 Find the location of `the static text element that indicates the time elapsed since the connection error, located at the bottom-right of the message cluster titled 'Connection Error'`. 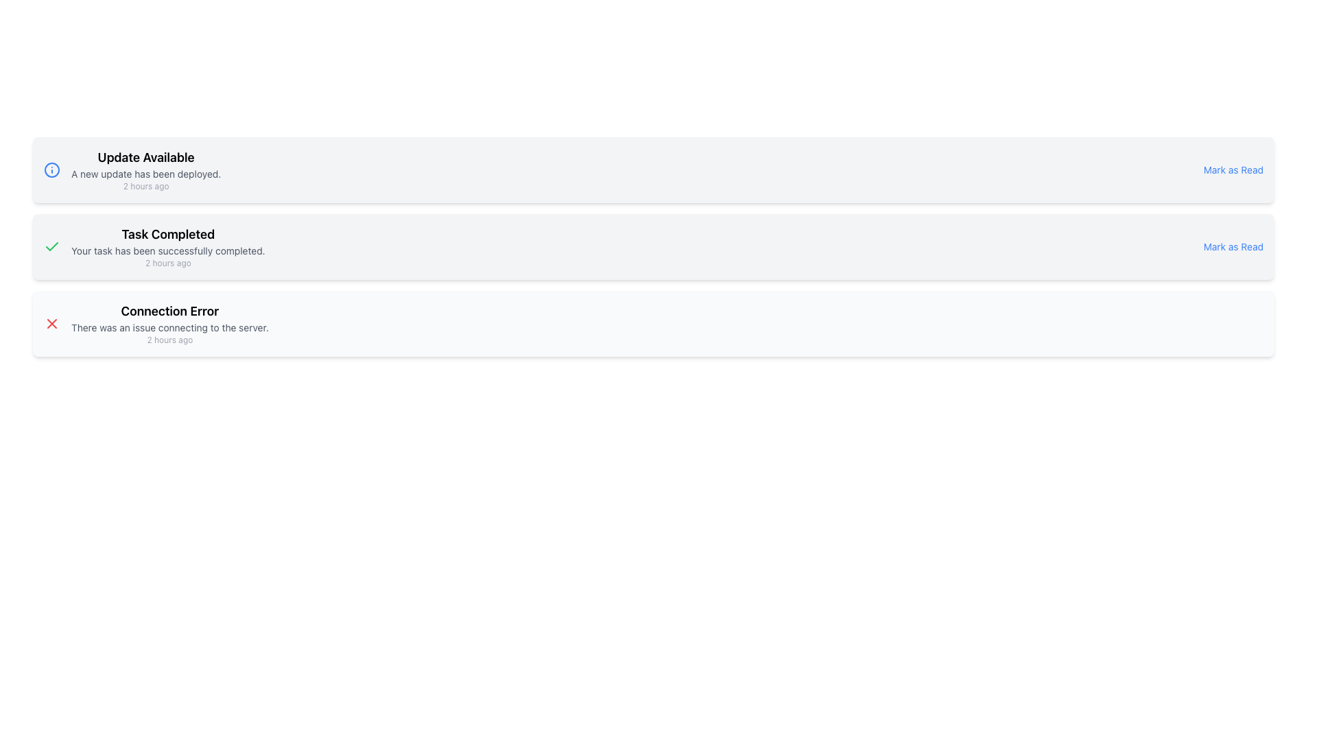

the static text element that indicates the time elapsed since the connection error, located at the bottom-right of the message cluster titled 'Connection Error' is located at coordinates (169, 340).